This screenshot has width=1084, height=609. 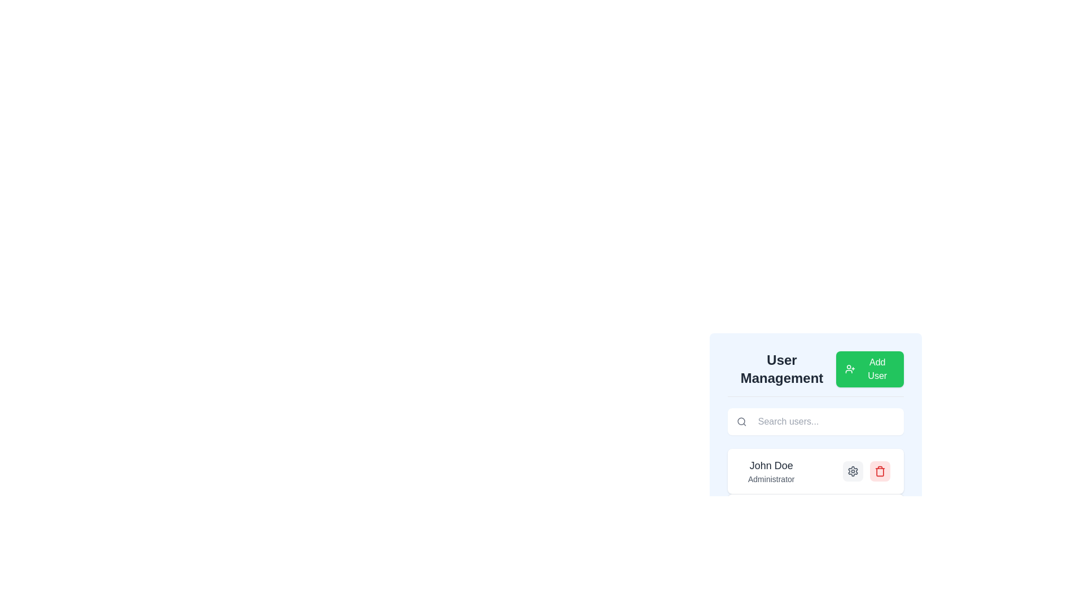 I want to click on text label that specifies the role or designation of the user, located directly below 'John Doe' in the user card component, so click(x=771, y=479).